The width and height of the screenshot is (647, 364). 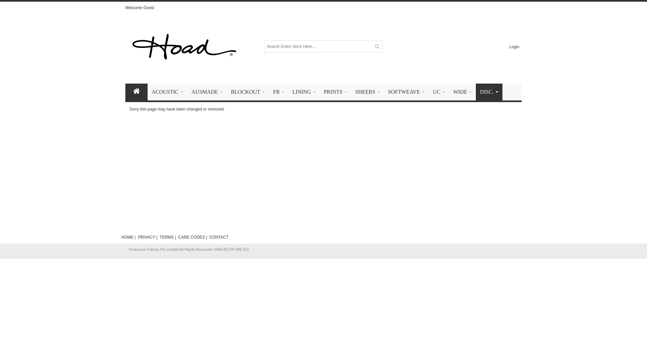 What do you see at coordinates (406, 92) in the screenshot?
I see `'SOFTWEAVE  '` at bounding box center [406, 92].